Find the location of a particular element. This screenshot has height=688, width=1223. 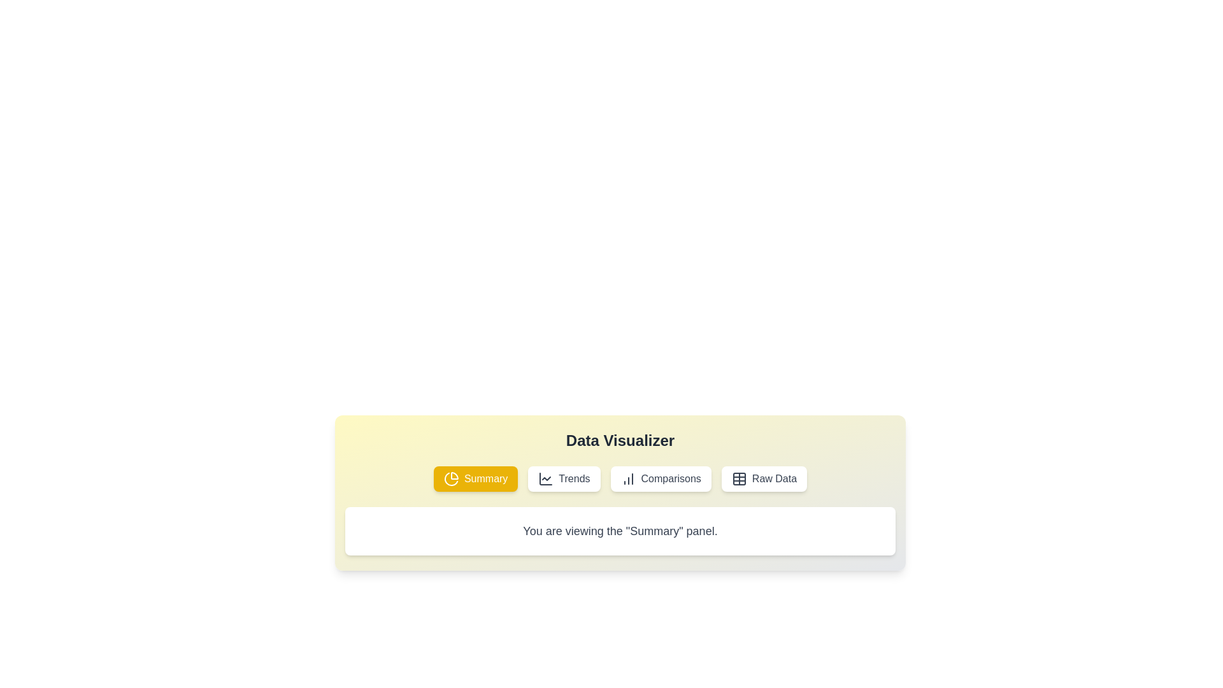

the 'Trends' button located under 'Data Visualizer' is located at coordinates (563, 479).